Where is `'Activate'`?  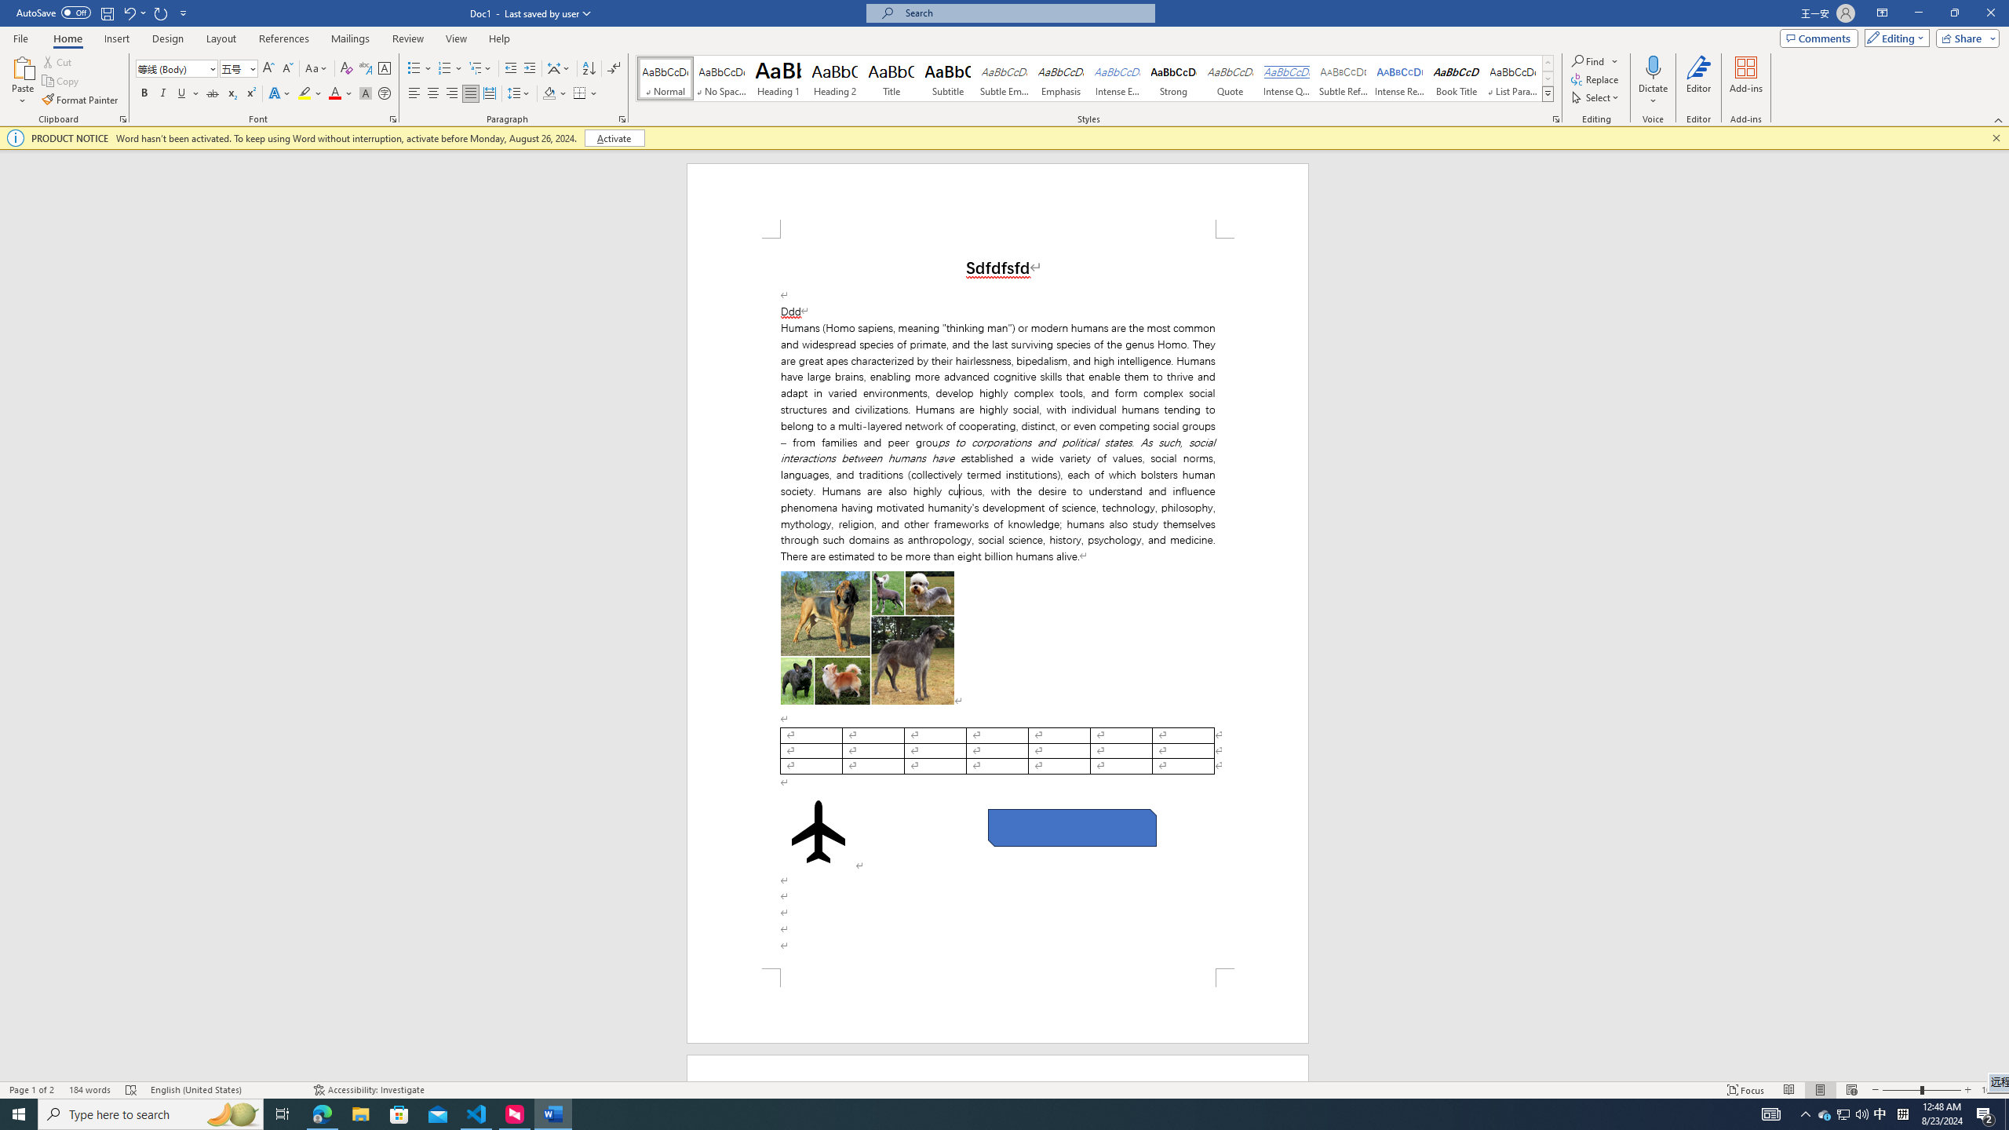
'Activate' is located at coordinates (614, 138).